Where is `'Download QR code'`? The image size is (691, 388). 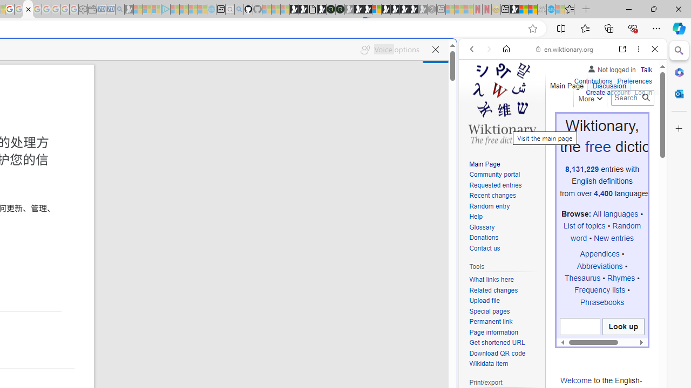
'Download QR code' is located at coordinates (497, 353).